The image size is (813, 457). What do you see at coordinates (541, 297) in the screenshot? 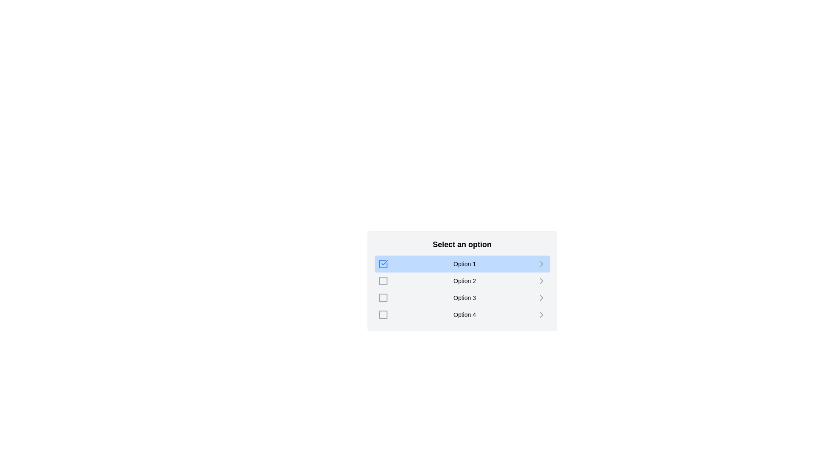
I see `the right-facing chevron icon next to 'Option 3'` at bounding box center [541, 297].